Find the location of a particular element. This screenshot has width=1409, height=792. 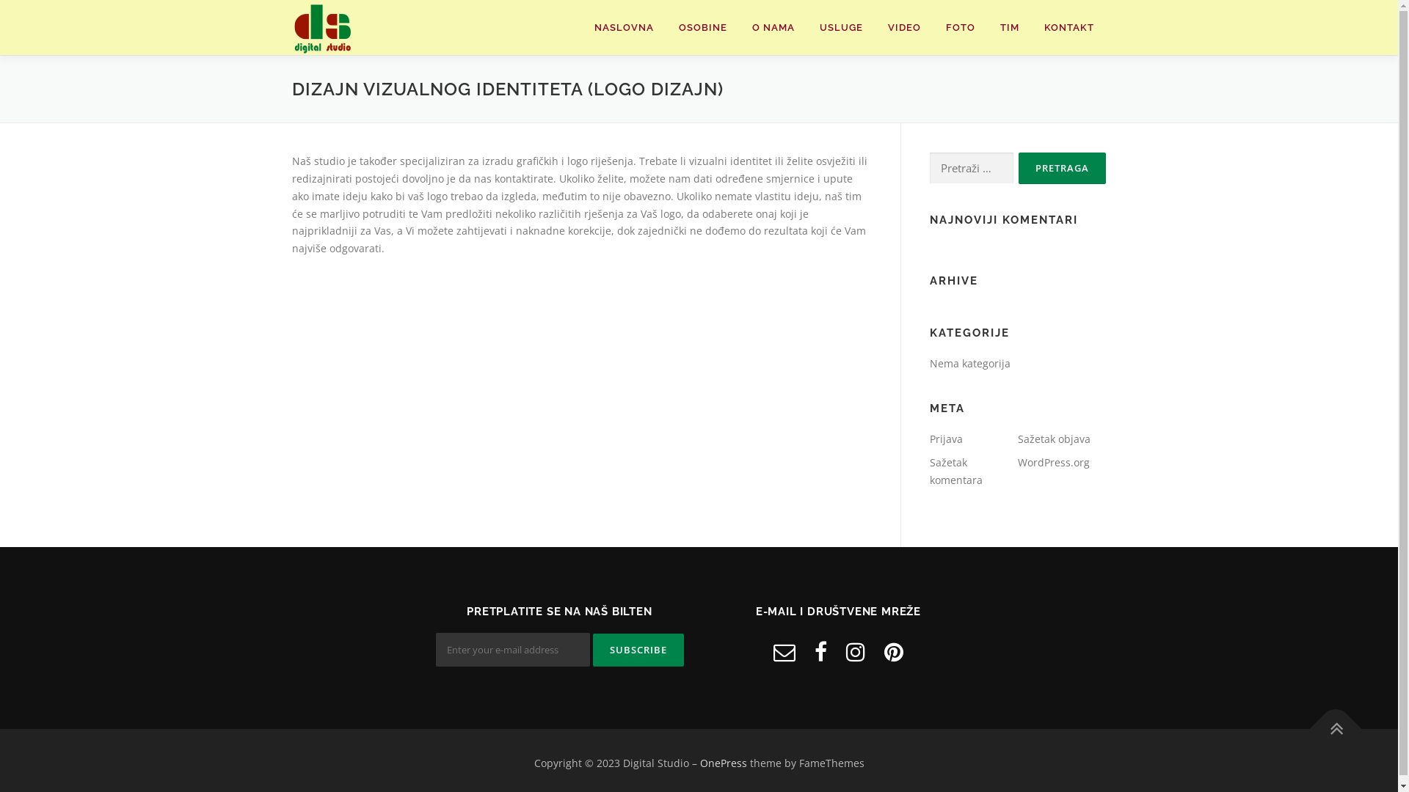

'FOTO' is located at coordinates (961, 27).